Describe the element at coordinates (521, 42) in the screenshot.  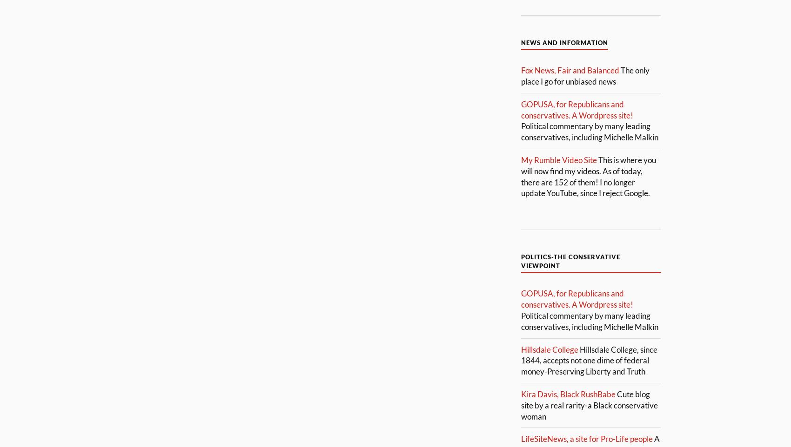
I see `'News and Information'` at that location.